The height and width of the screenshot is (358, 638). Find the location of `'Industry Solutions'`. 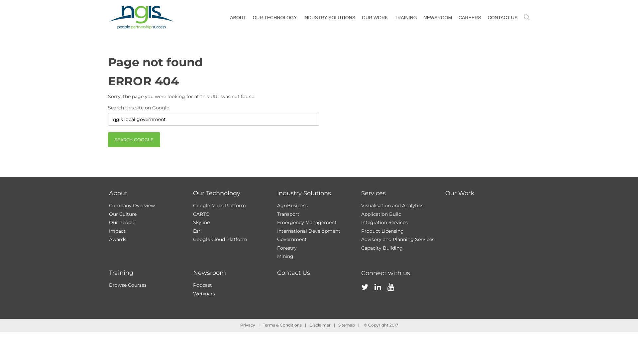

'Industry Solutions' is located at coordinates (277, 193).